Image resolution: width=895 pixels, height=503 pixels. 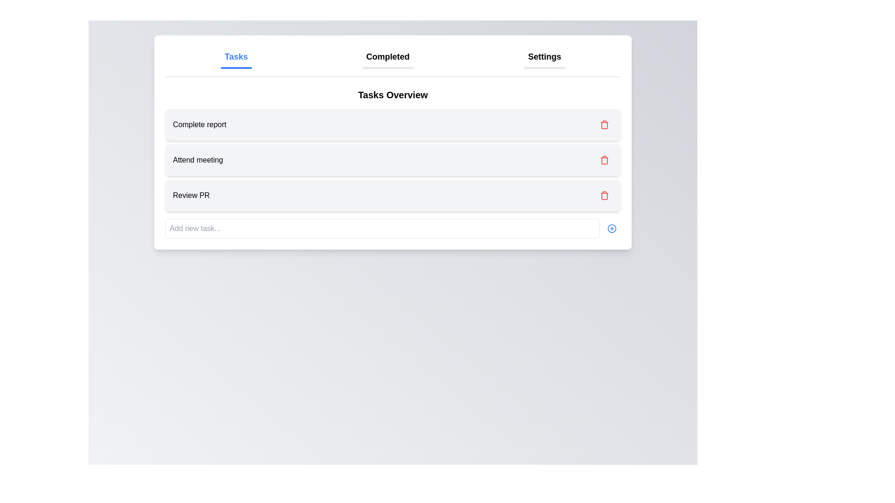 What do you see at coordinates (604, 195) in the screenshot?
I see `the third trash can icon` at bounding box center [604, 195].